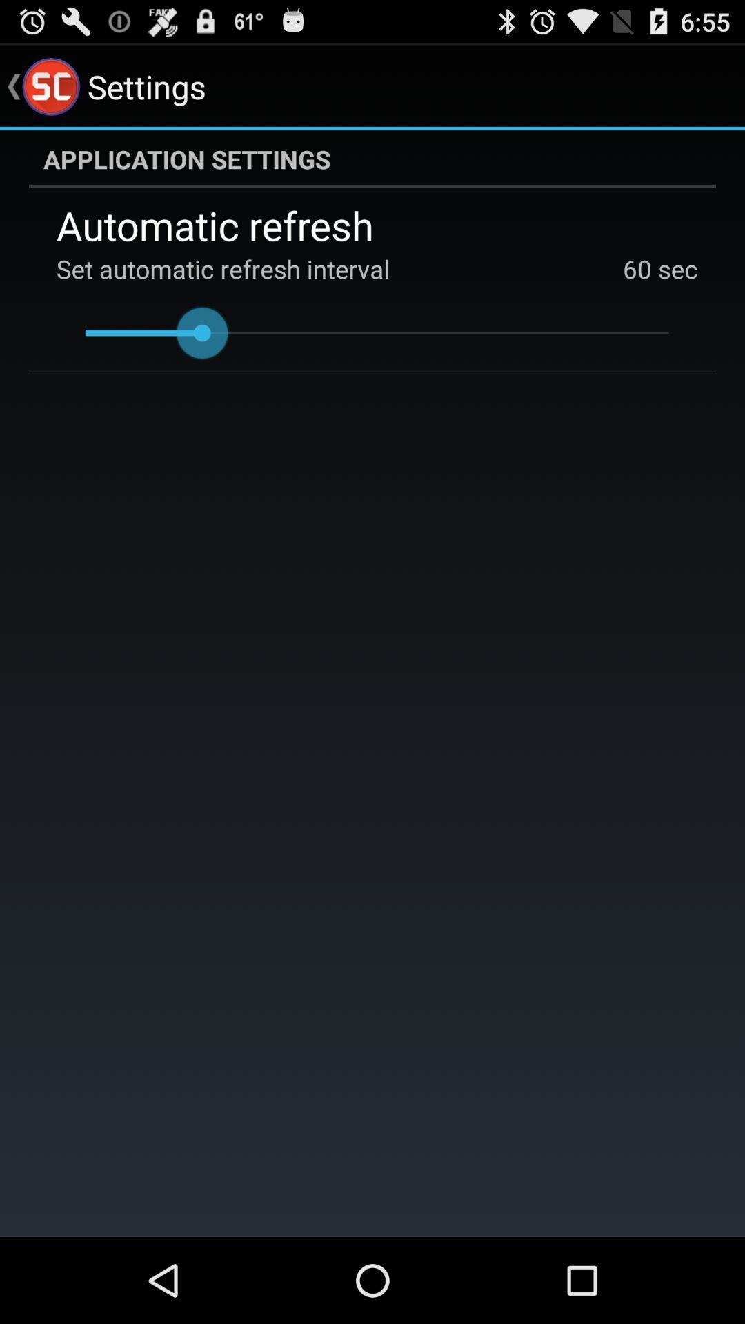 Image resolution: width=745 pixels, height=1324 pixels. I want to click on item above automatic refresh icon, so click(372, 159).